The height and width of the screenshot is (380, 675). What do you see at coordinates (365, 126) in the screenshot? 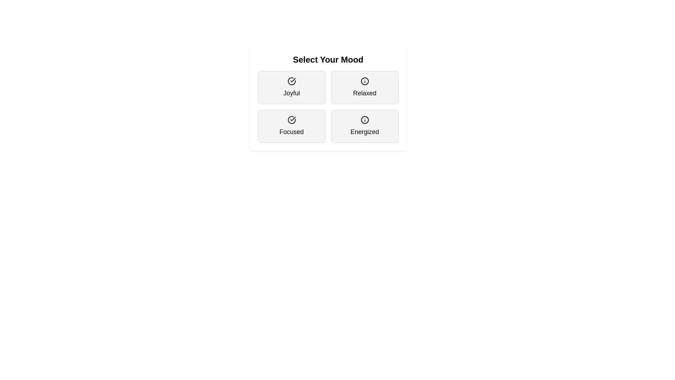
I see `the mood Energized by clicking on its corresponding button` at bounding box center [365, 126].